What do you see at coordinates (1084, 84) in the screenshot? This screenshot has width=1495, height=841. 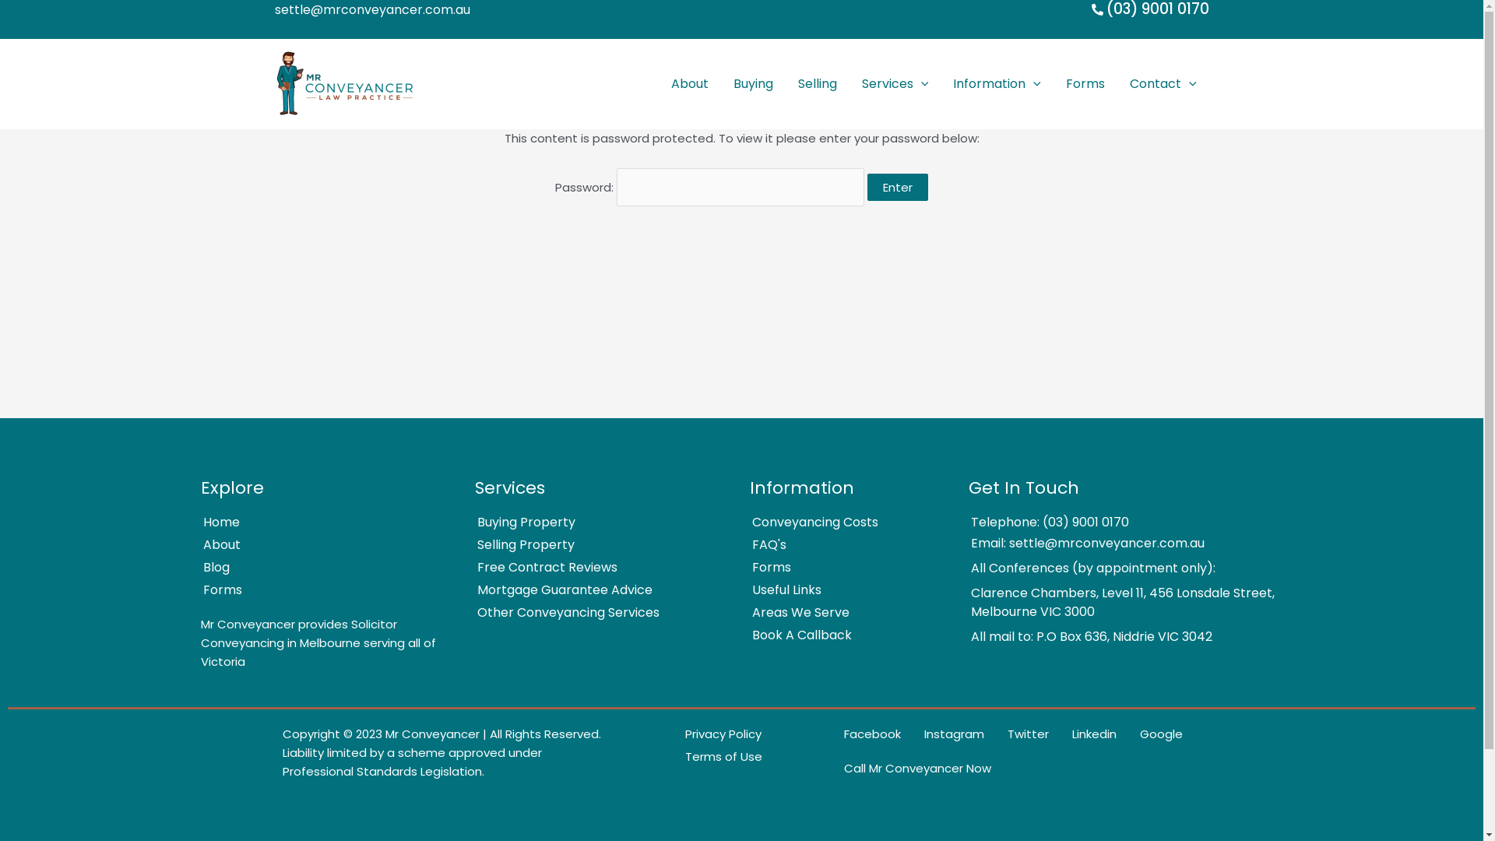 I see `'Forms'` at bounding box center [1084, 84].